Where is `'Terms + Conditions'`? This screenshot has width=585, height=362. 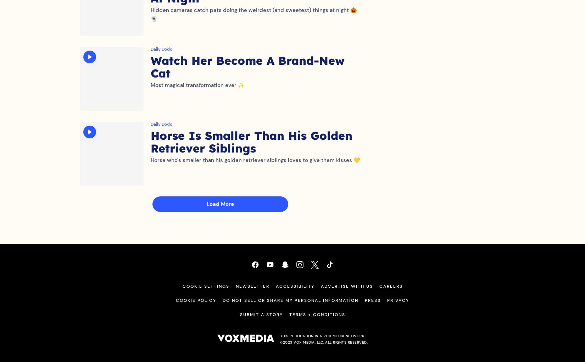
'Terms + Conditions' is located at coordinates (288, 321).